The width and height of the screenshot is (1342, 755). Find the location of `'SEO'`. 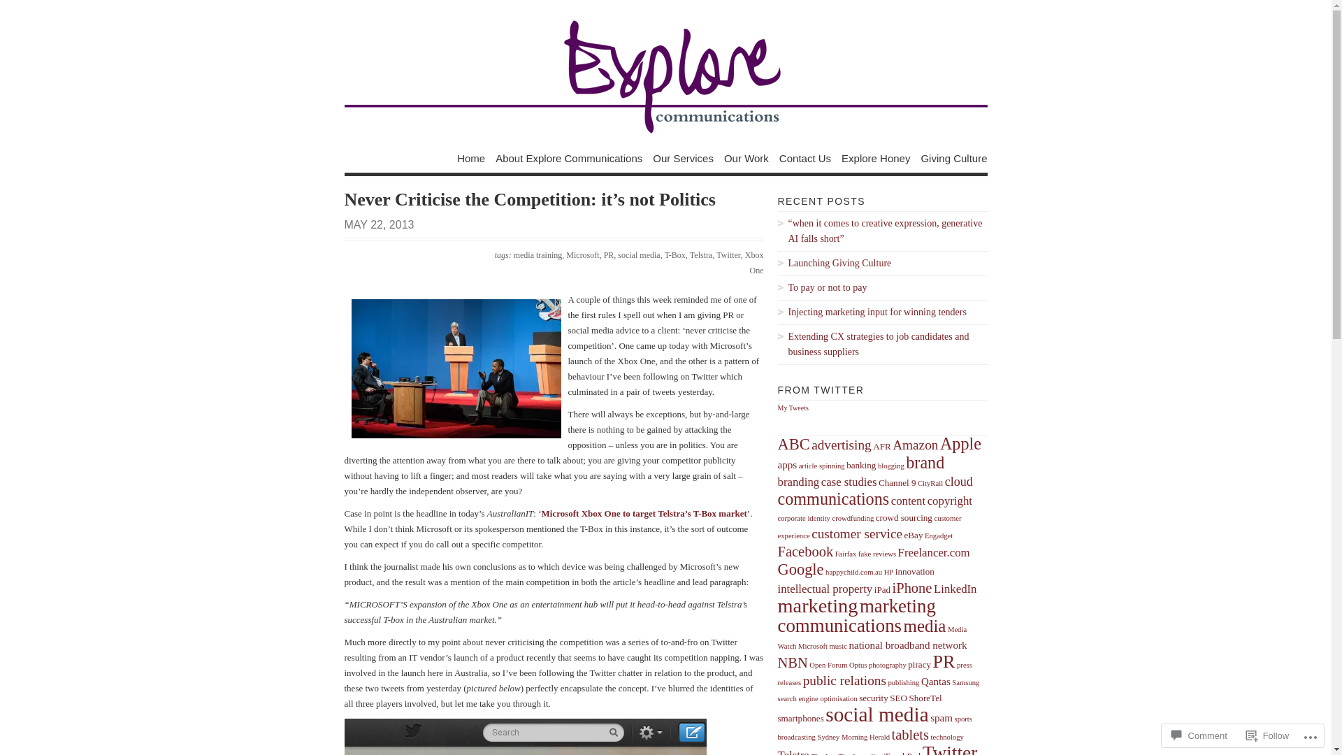

'SEO' is located at coordinates (898, 698).